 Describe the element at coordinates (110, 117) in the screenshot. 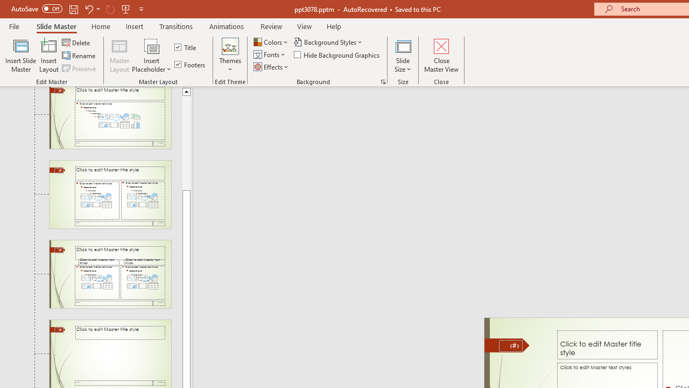

I see `'Slide Title and Content Layout: used by no slides'` at that location.